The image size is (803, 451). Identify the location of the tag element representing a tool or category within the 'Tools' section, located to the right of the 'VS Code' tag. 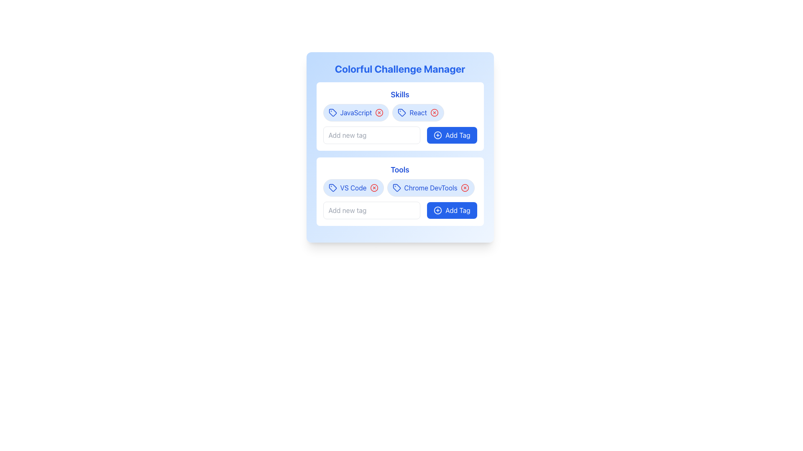
(431, 188).